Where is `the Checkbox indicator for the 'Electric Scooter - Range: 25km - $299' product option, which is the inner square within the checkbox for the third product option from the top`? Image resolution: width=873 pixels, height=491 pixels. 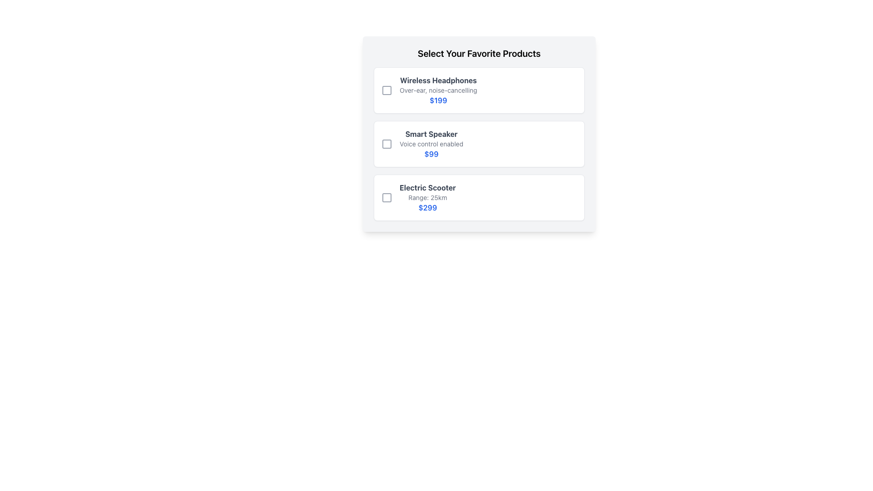 the Checkbox indicator for the 'Electric Scooter - Range: 25km - $299' product option, which is the inner square within the checkbox for the third product option from the top is located at coordinates (386, 197).